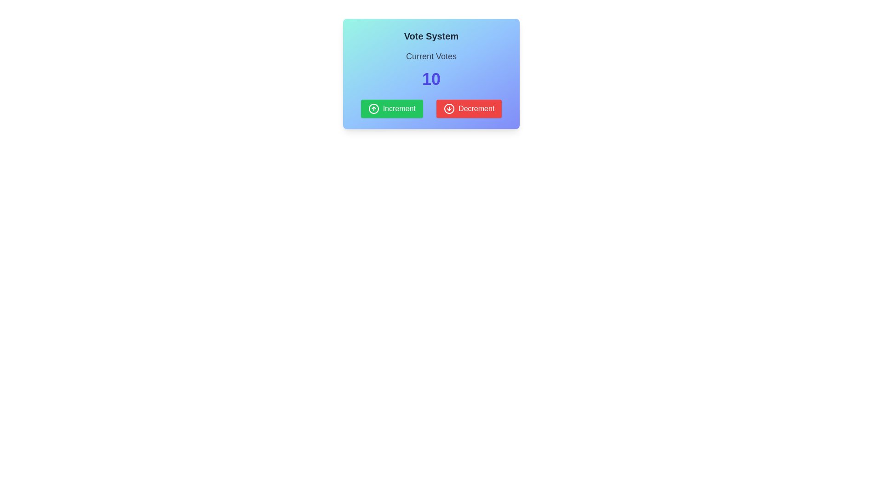 The image size is (883, 496). What do you see at coordinates (430, 35) in the screenshot?
I see `text heading 'Vote System' which is styled as bold and centered with a large font size in dark gray on a gradient background` at bounding box center [430, 35].